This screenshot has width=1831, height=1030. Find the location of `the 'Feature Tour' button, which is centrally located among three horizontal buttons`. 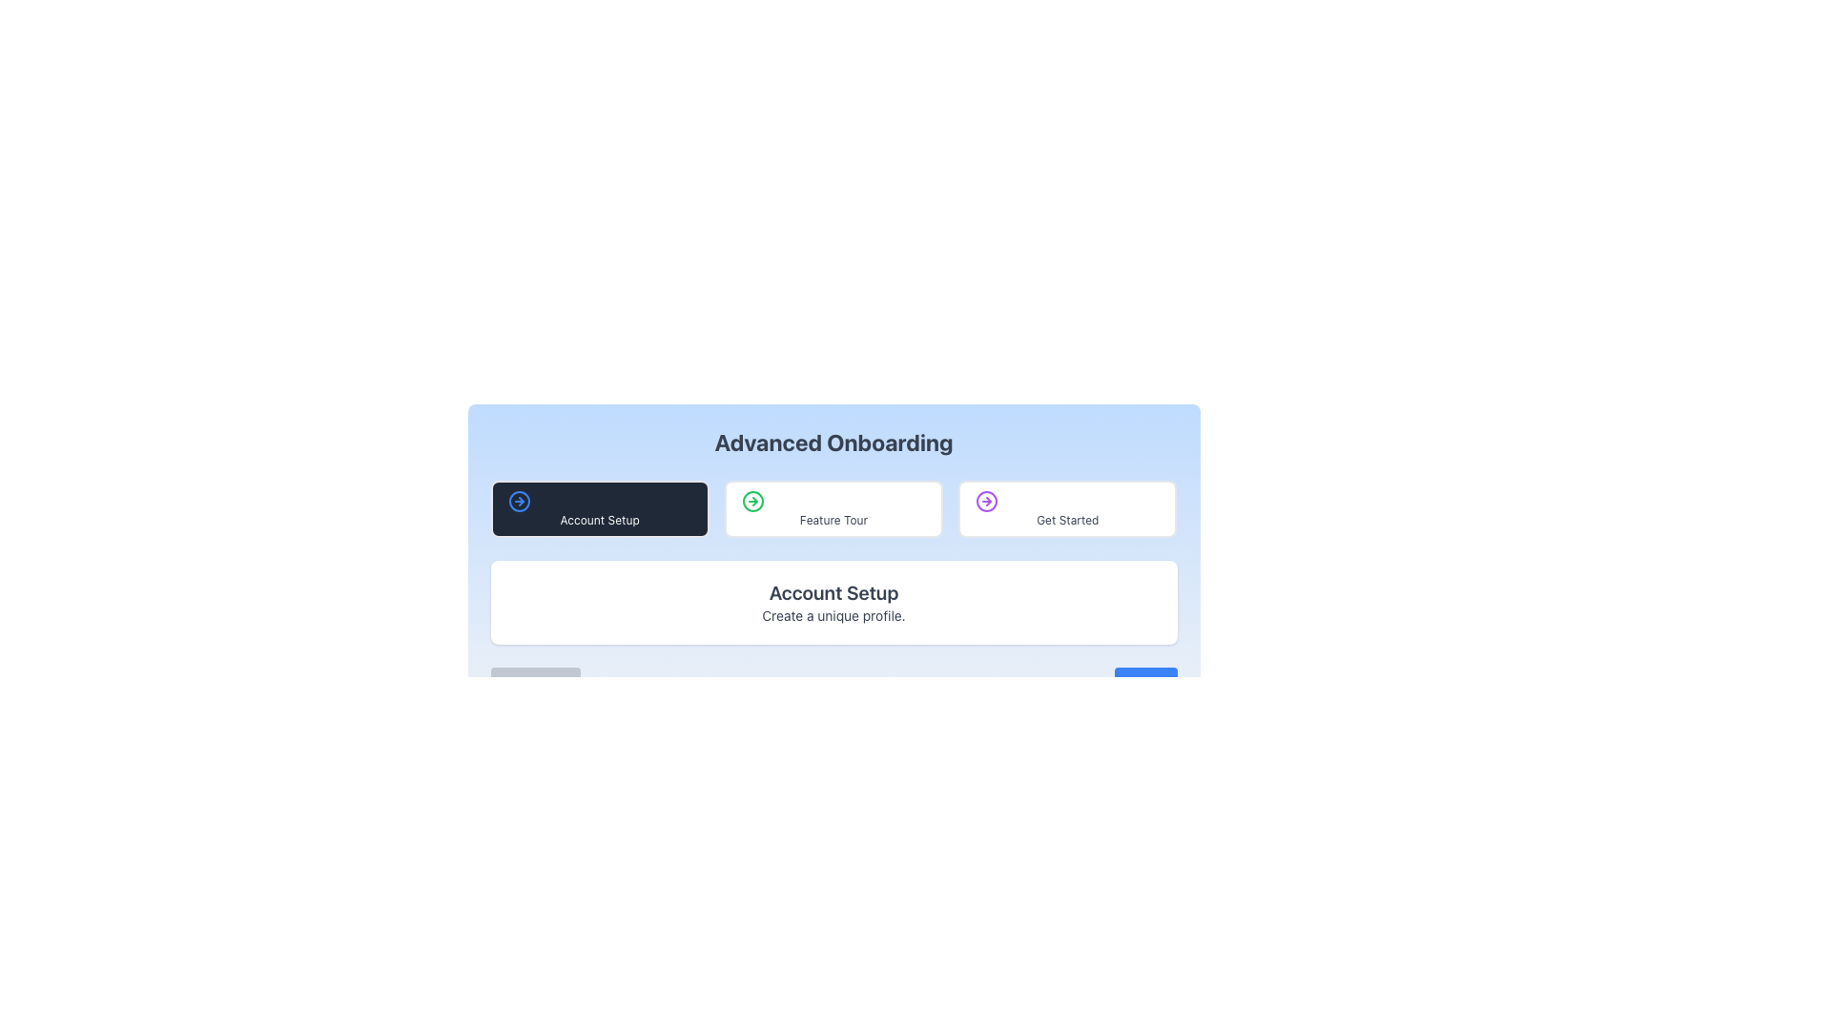

the 'Feature Tour' button, which is centrally located among three horizontal buttons is located at coordinates (833, 507).